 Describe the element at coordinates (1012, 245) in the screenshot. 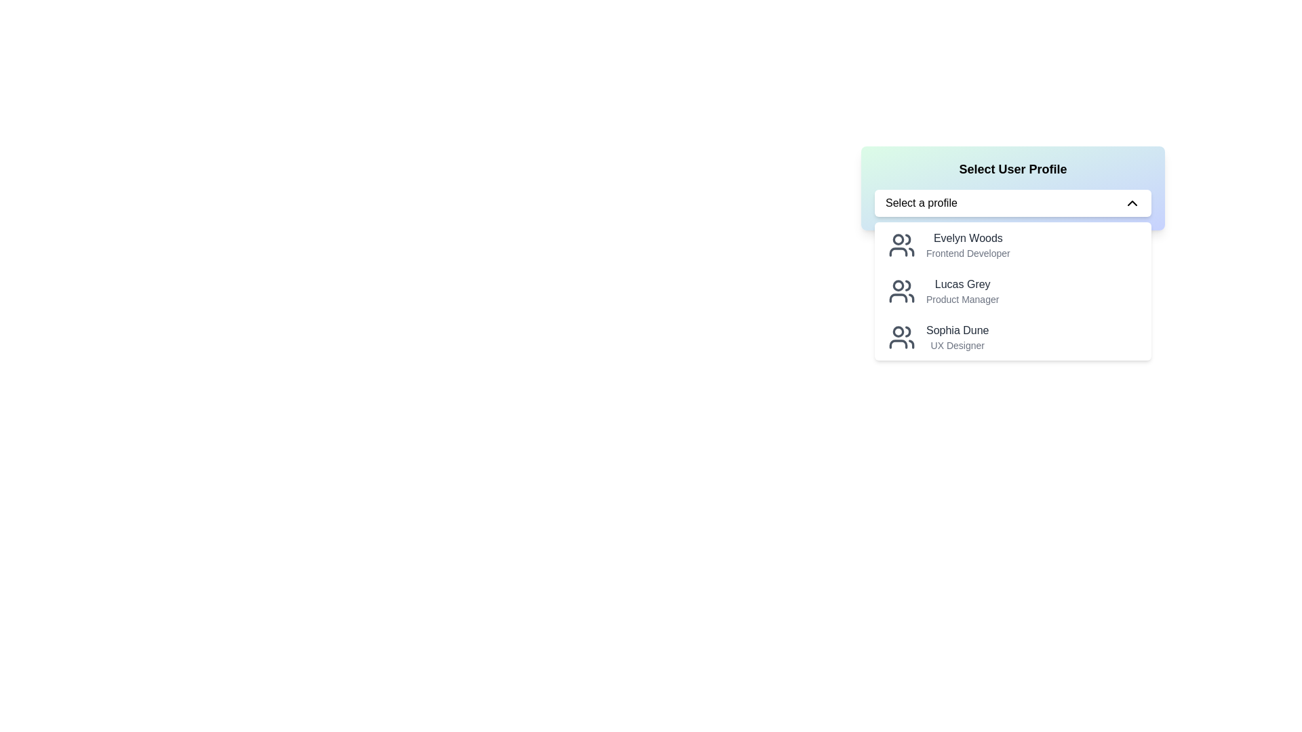

I see `the first user profile list item representing 'Evelyn Woods'` at that location.